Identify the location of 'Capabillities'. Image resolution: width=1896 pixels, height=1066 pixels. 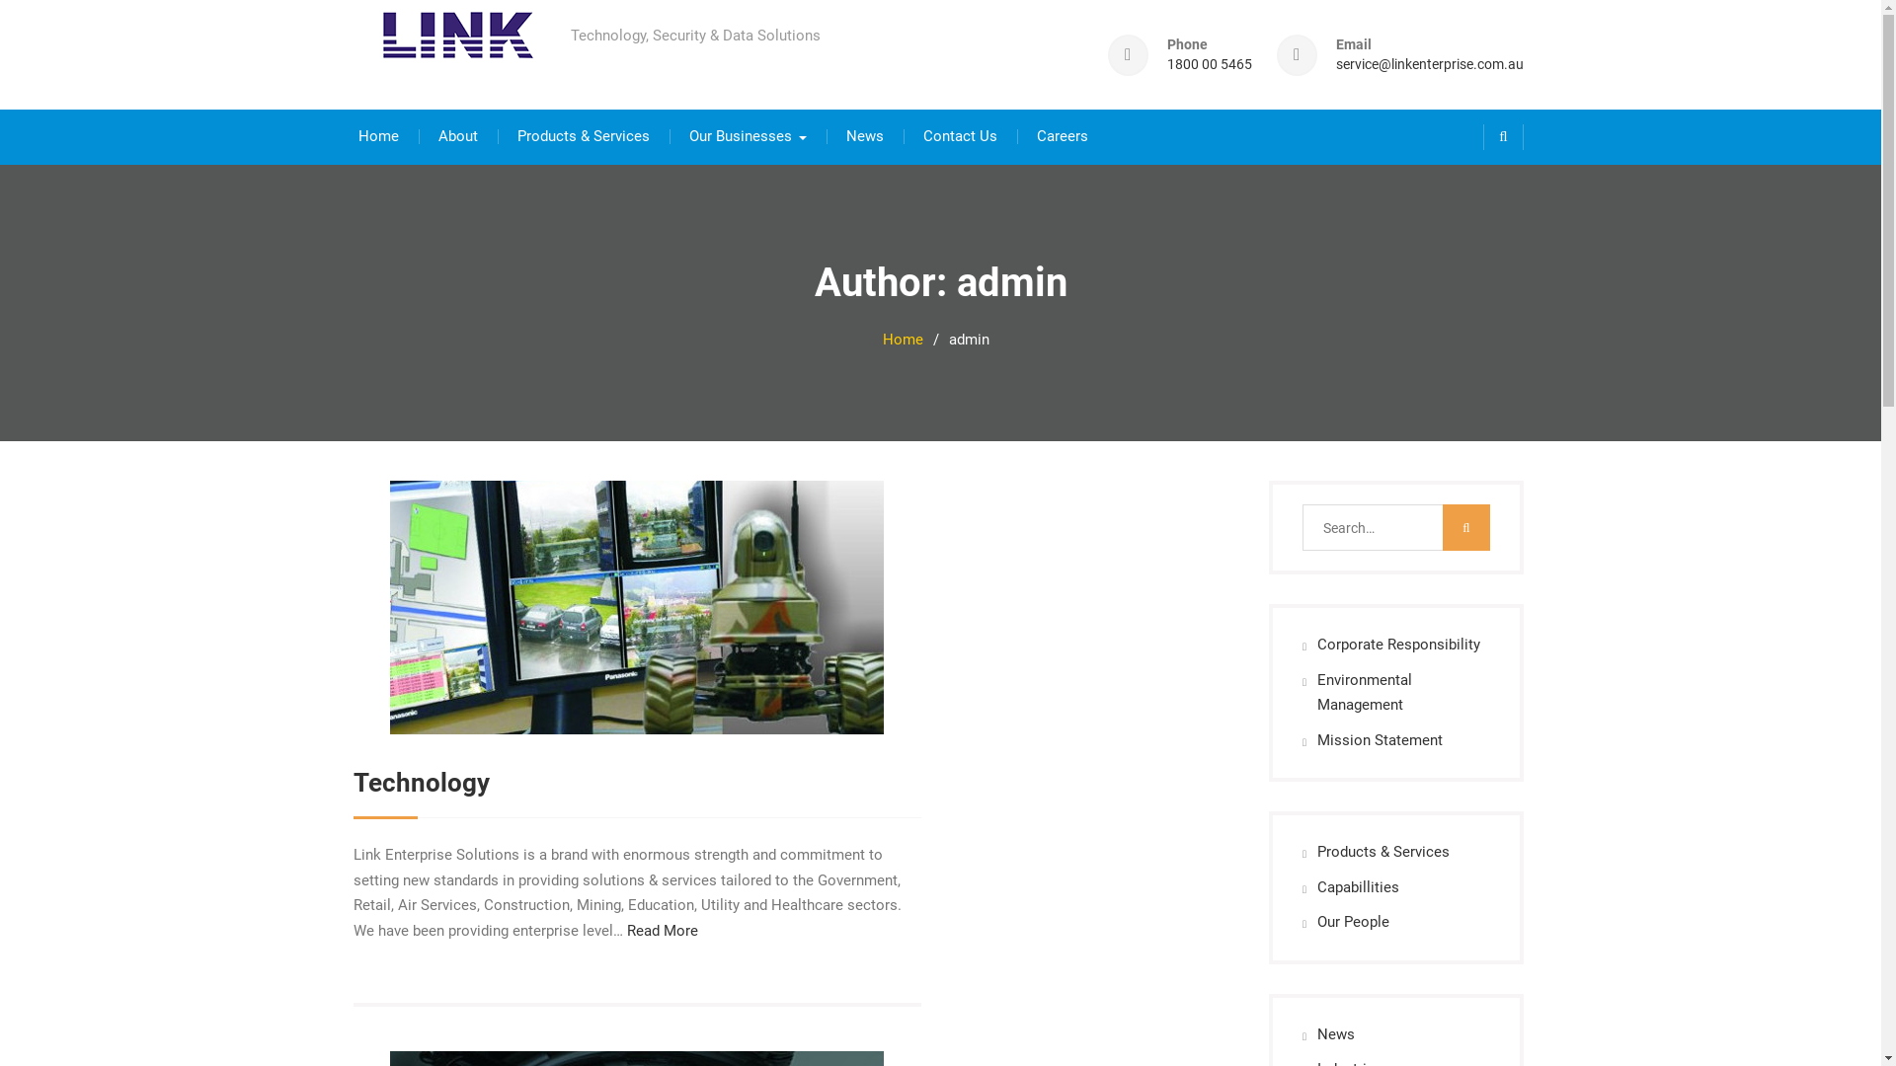
(1317, 885).